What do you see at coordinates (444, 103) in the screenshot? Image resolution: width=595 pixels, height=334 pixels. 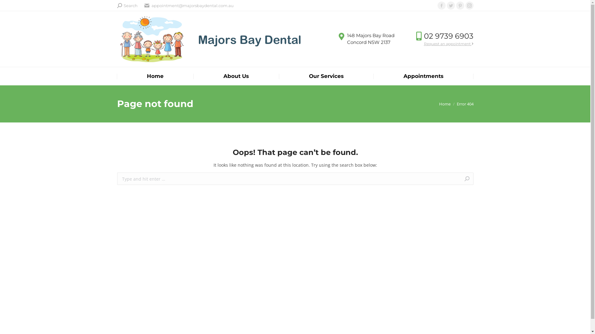 I see `'Home'` at bounding box center [444, 103].